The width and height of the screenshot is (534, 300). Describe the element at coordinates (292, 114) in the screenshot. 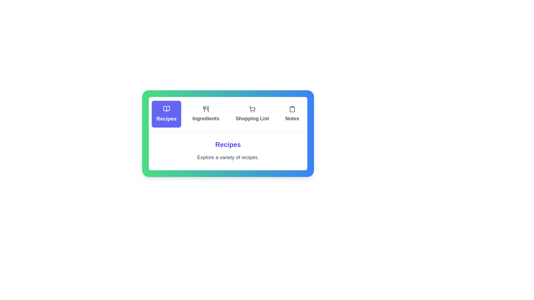

I see `the Notes tab by clicking on it` at that location.